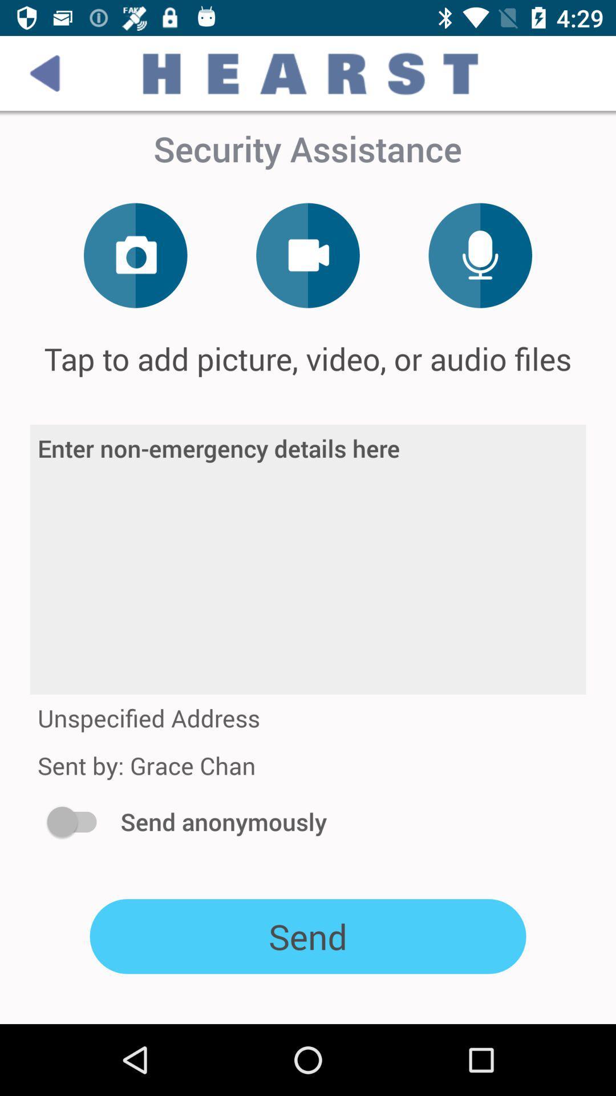 Image resolution: width=616 pixels, height=1096 pixels. I want to click on item above unspecified address, so click(308, 559).